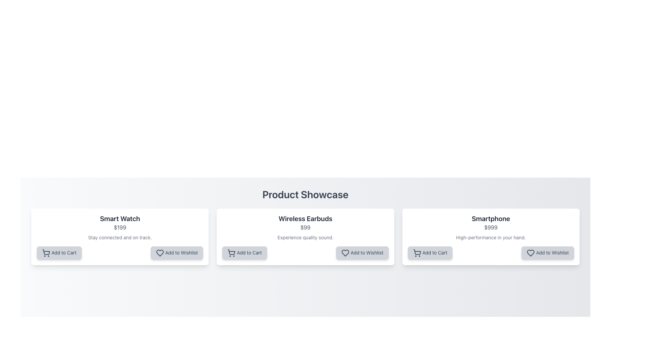 The height and width of the screenshot is (364, 647). What do you see at coordinates (305, 194) in the screenshot?
I see `the centered heading text 'Product Showcase'` at bounding box center [305, 194].